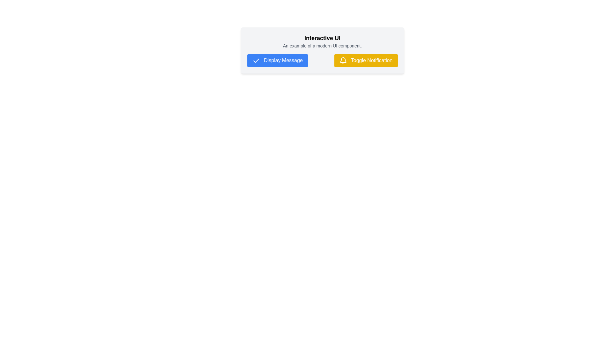 The height and width of the screenshot is (344, 612). Describe the element at coordinates (343, 61) in the screenshot. I see `the bell icon within the 'Toggle Notification' button located at the bottom-right corner of the card under 'Interactive UI'` at that location.